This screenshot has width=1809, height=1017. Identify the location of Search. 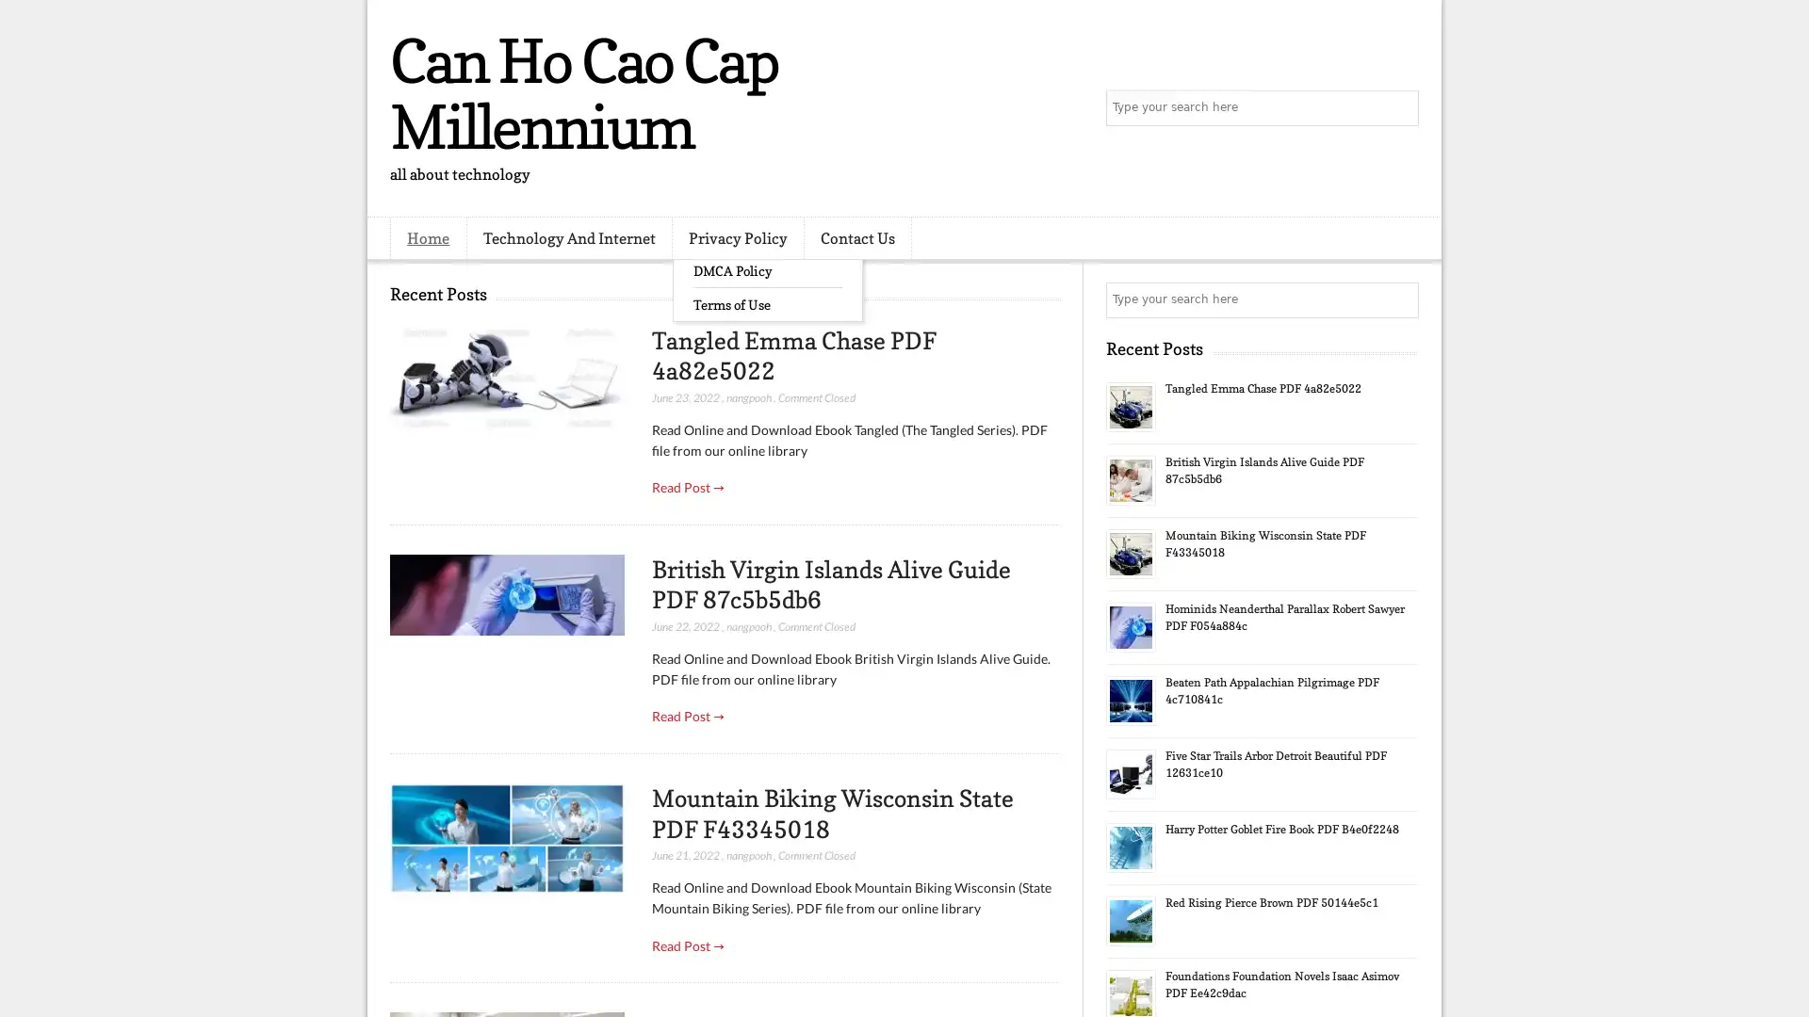
(1399, 299).